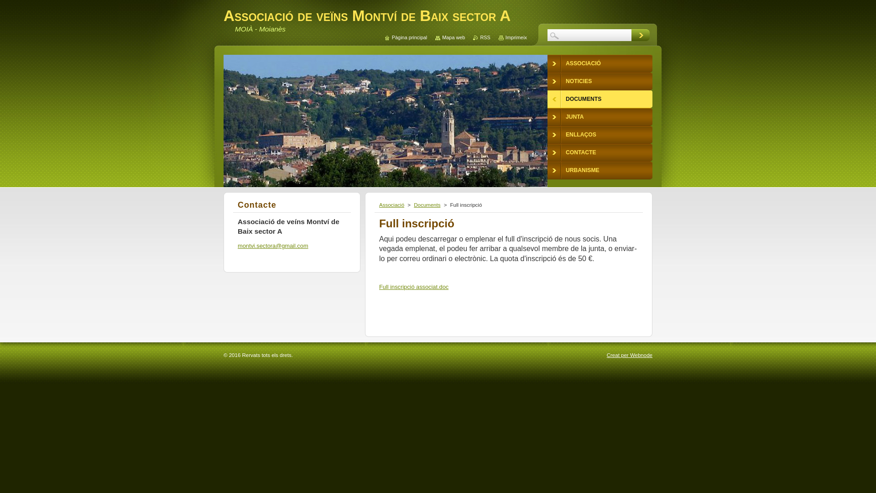 Image resolution: width=876 pixels, height=493 pixels. I want to click on 'JUNTA', so click(600, 116).